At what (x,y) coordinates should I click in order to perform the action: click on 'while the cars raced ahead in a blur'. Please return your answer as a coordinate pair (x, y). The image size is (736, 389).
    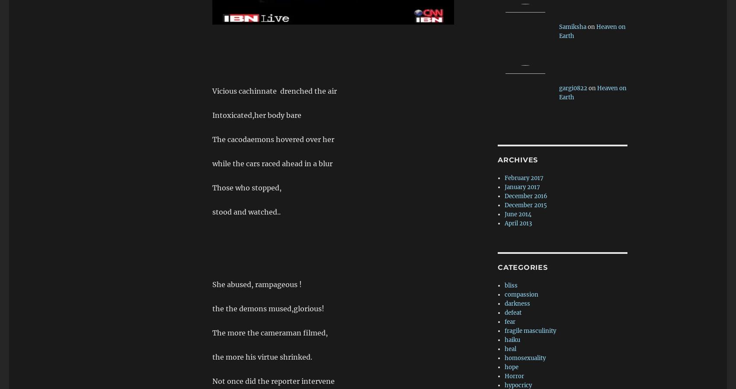
    Looking at the image, I should click on (272, 163).